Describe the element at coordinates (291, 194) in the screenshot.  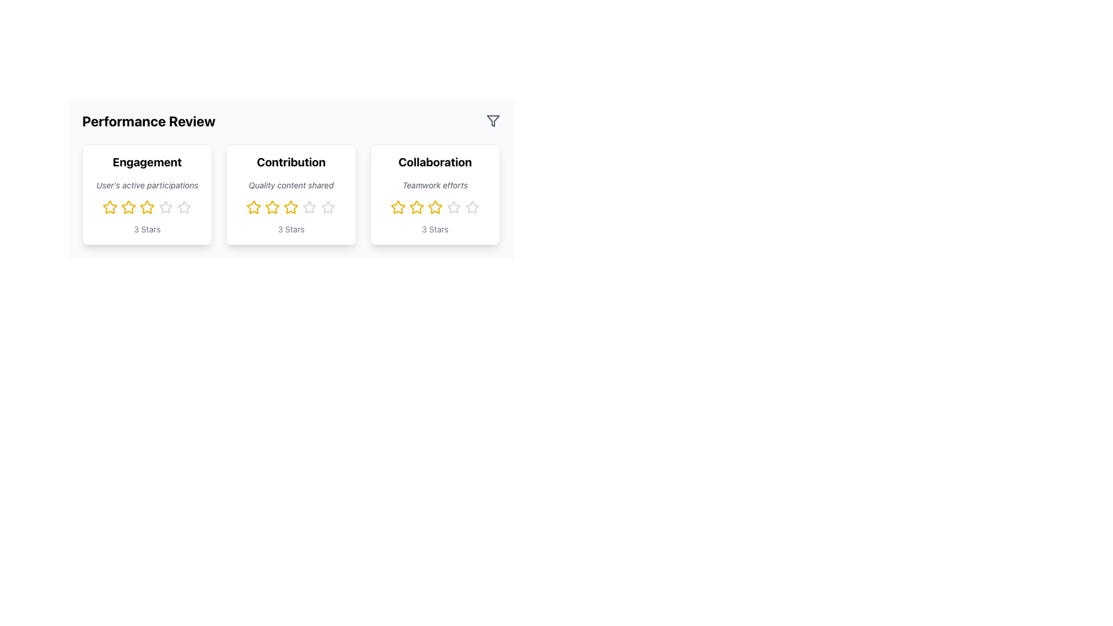
I see `information displayed on the 'Contribution' Rating card, which includes the title 'Contribution', subtitle 'Quality content shared', and the 5-star rating with '3 Stars' at the bottom` at that location.